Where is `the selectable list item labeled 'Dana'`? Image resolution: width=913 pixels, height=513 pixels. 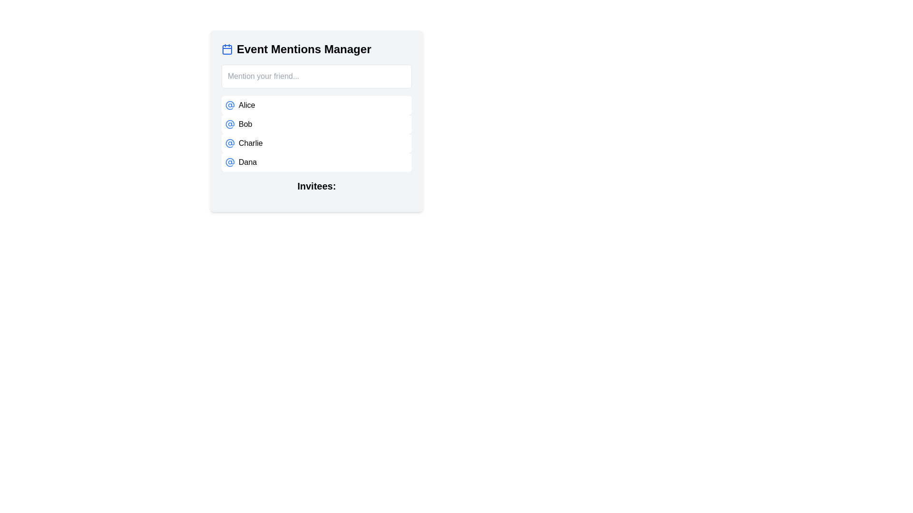
the selectable list item labeled 'Dana' is located at coordinates (317, 162).